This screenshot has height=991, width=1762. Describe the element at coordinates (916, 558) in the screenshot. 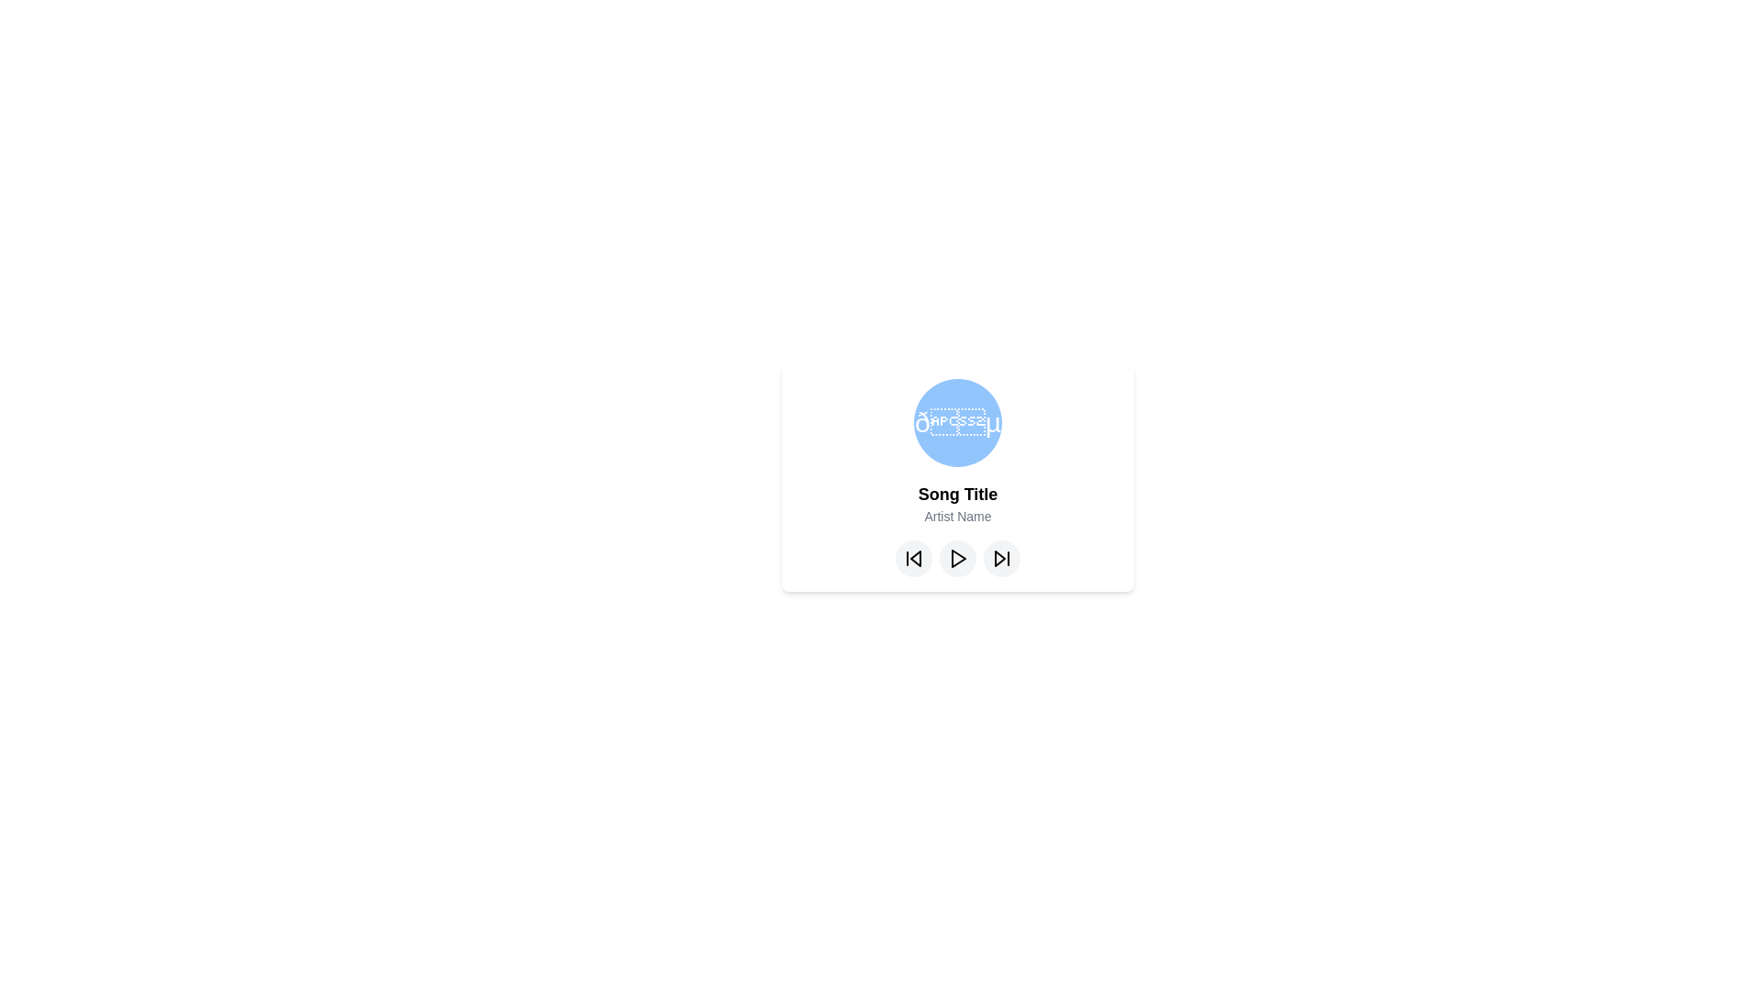

I see `the skip-back icon component located to the left of the vertical line symbol in the media control row below the song title and artist name` at that location.